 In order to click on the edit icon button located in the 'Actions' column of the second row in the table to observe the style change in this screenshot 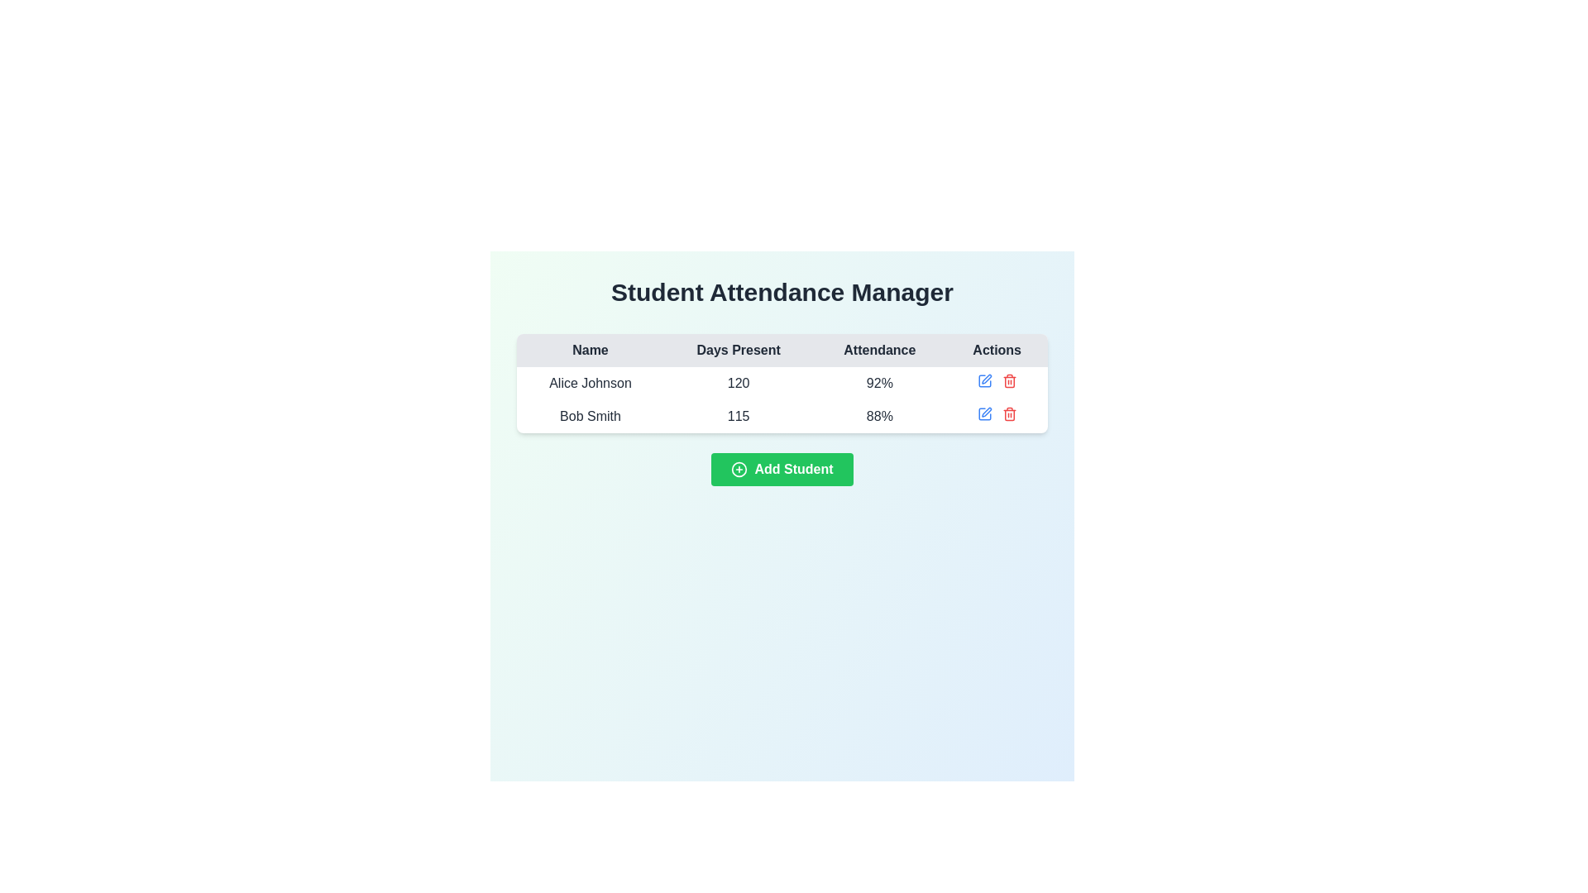, I will do `click(984, 381)`.